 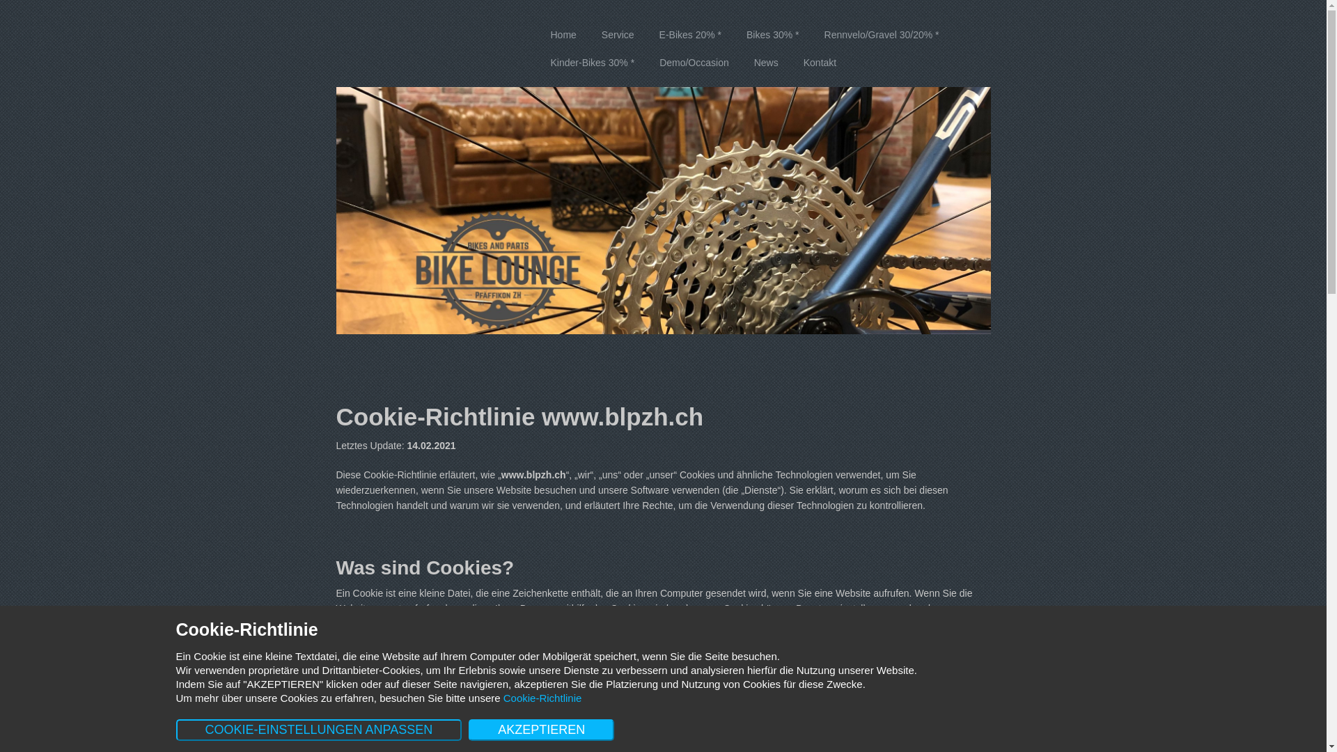 What do you see at coordinates (690, 34) in the screenshot?
I see `'E-Bikes 20% *'` at bounding box center [690, 34].